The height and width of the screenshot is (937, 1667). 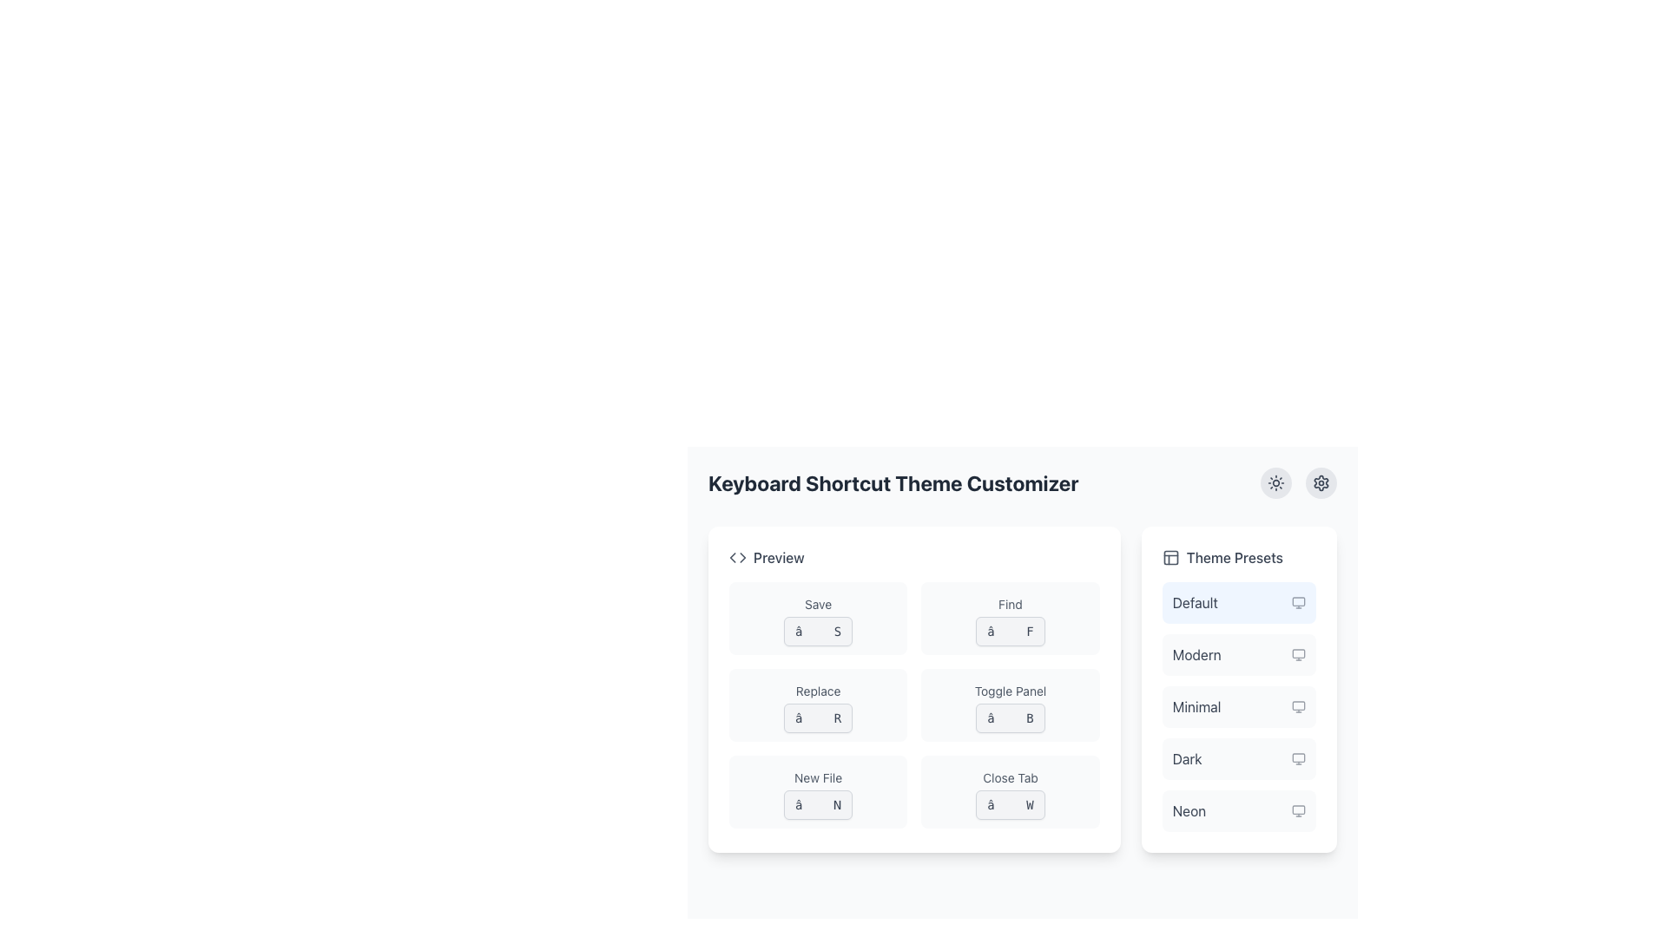 What do you see at coordinates (1299, 757) in the screenshot?
I see `the icon representing the 'Dark' theme option in the Theme Presets list, which is visually styled to resemble a monitor icon and located on the right section of the list` at bounding box center [1299, 757].